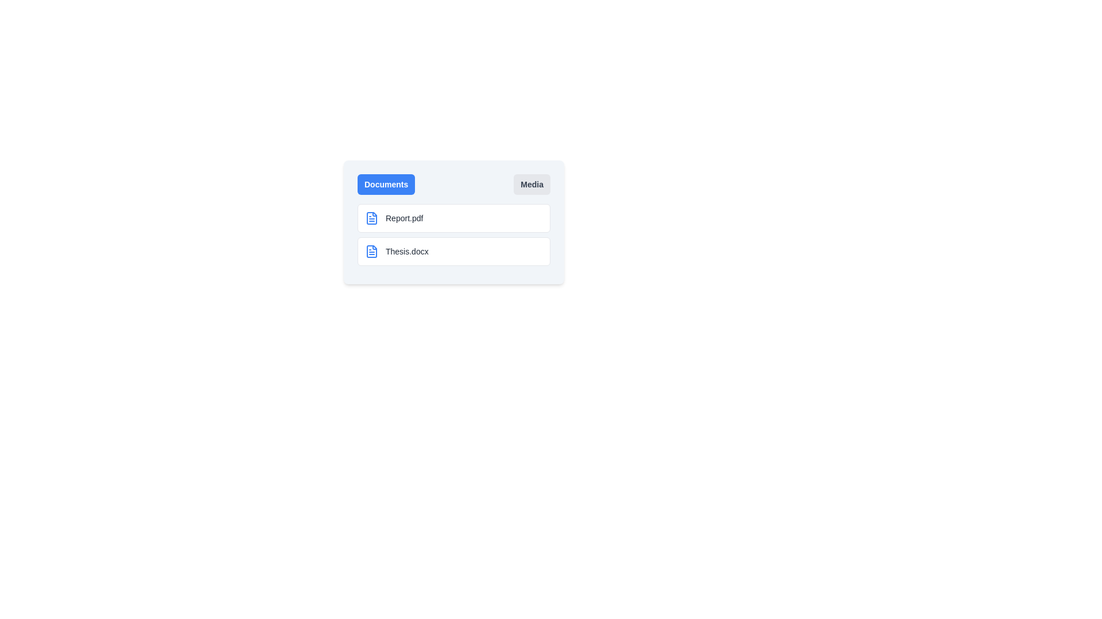 This screenshot has width=1102, height=619. Describe the element at coordinates (453, 218) in the screenshot. I see `the first list item representing the file named 'Report.pdf', which is positioned below the 'Documents' and 'Media' tabs` at that location.